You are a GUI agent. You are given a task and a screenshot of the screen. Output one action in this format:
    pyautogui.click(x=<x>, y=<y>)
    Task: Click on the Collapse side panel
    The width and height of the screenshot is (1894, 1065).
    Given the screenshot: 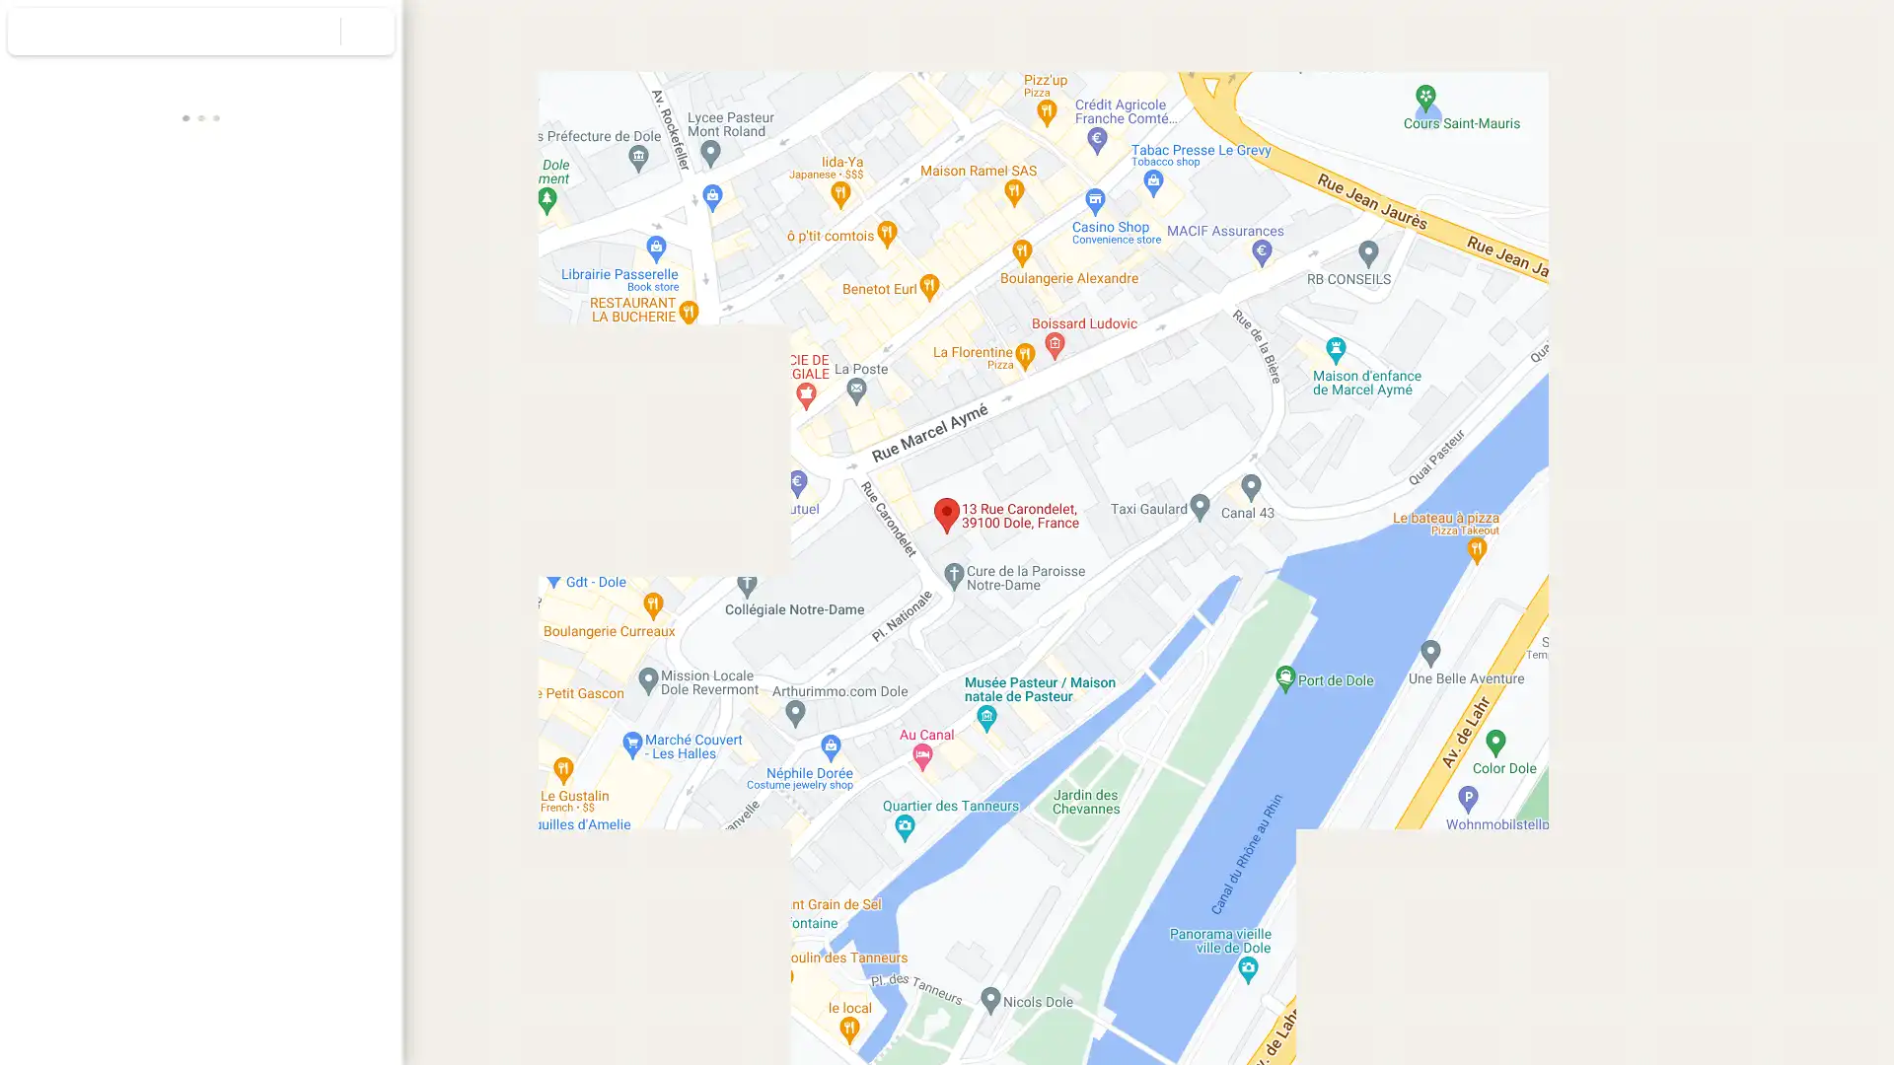 What is the action you would take?
    pyautogui.click(x=412, y=532)
    